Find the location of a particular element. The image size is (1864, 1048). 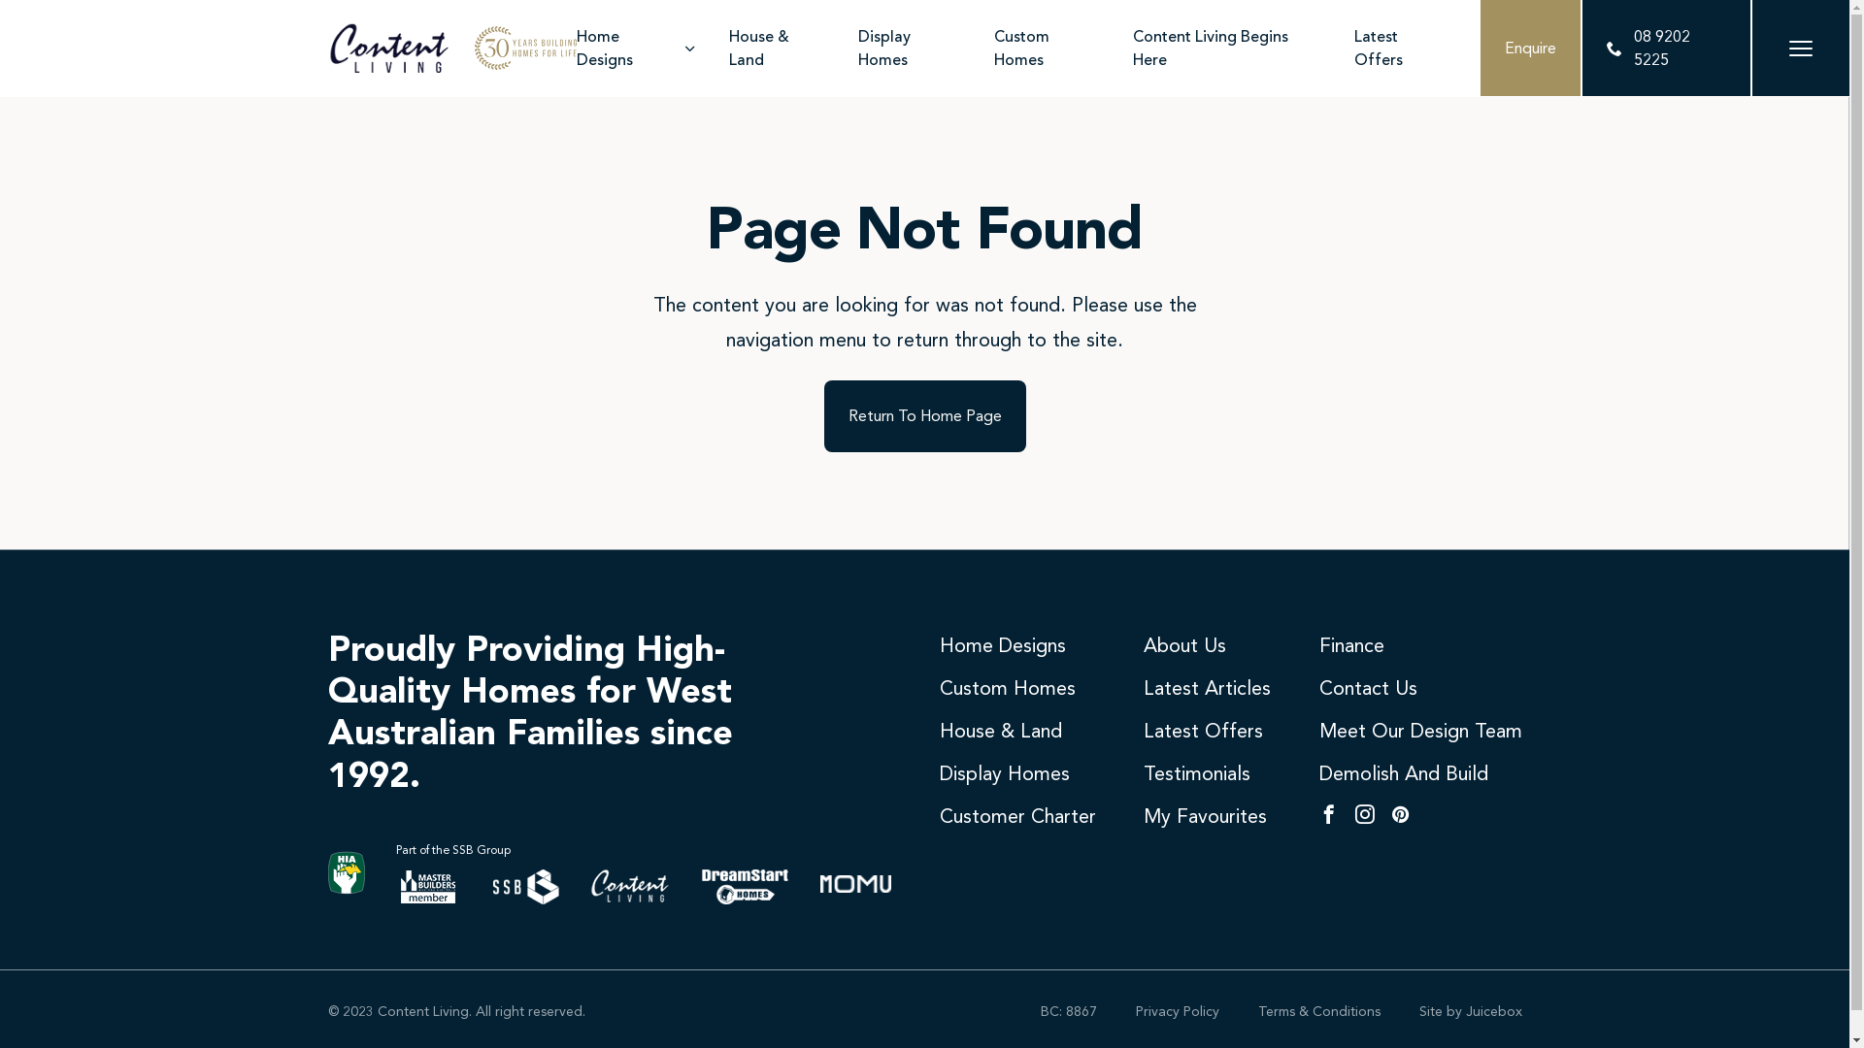

'About Us' is located at coordinates (1143, 644).